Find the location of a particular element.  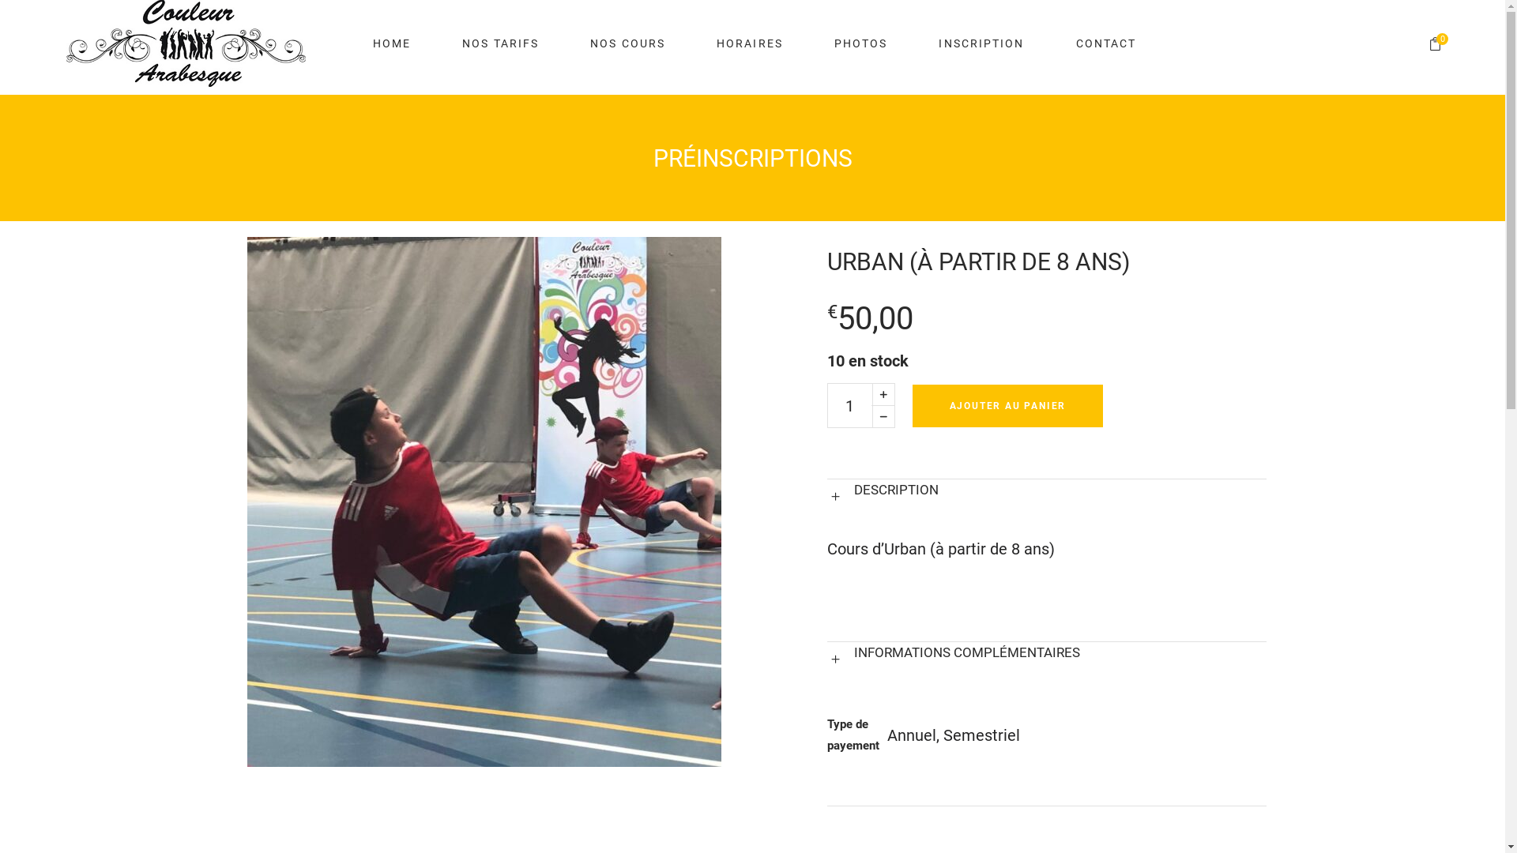

'CONTACT' is located at coordinates (1105, 42).